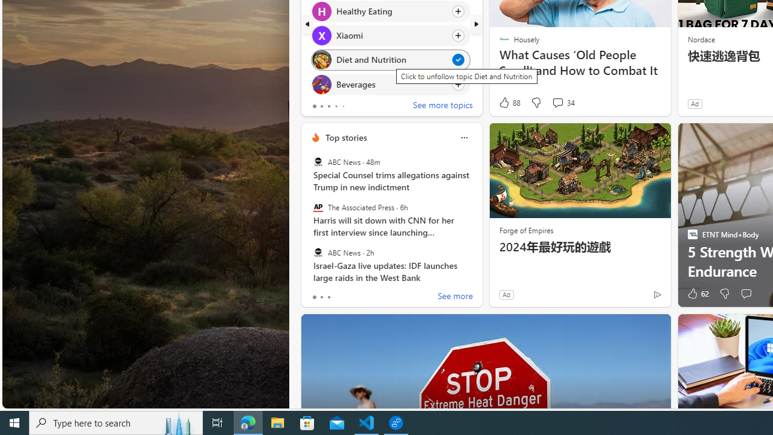 This screenshot has width=773, height=435. Describe the element at coordinates (336, 106) in the screenshot. I see `'tab-3'` at that location.